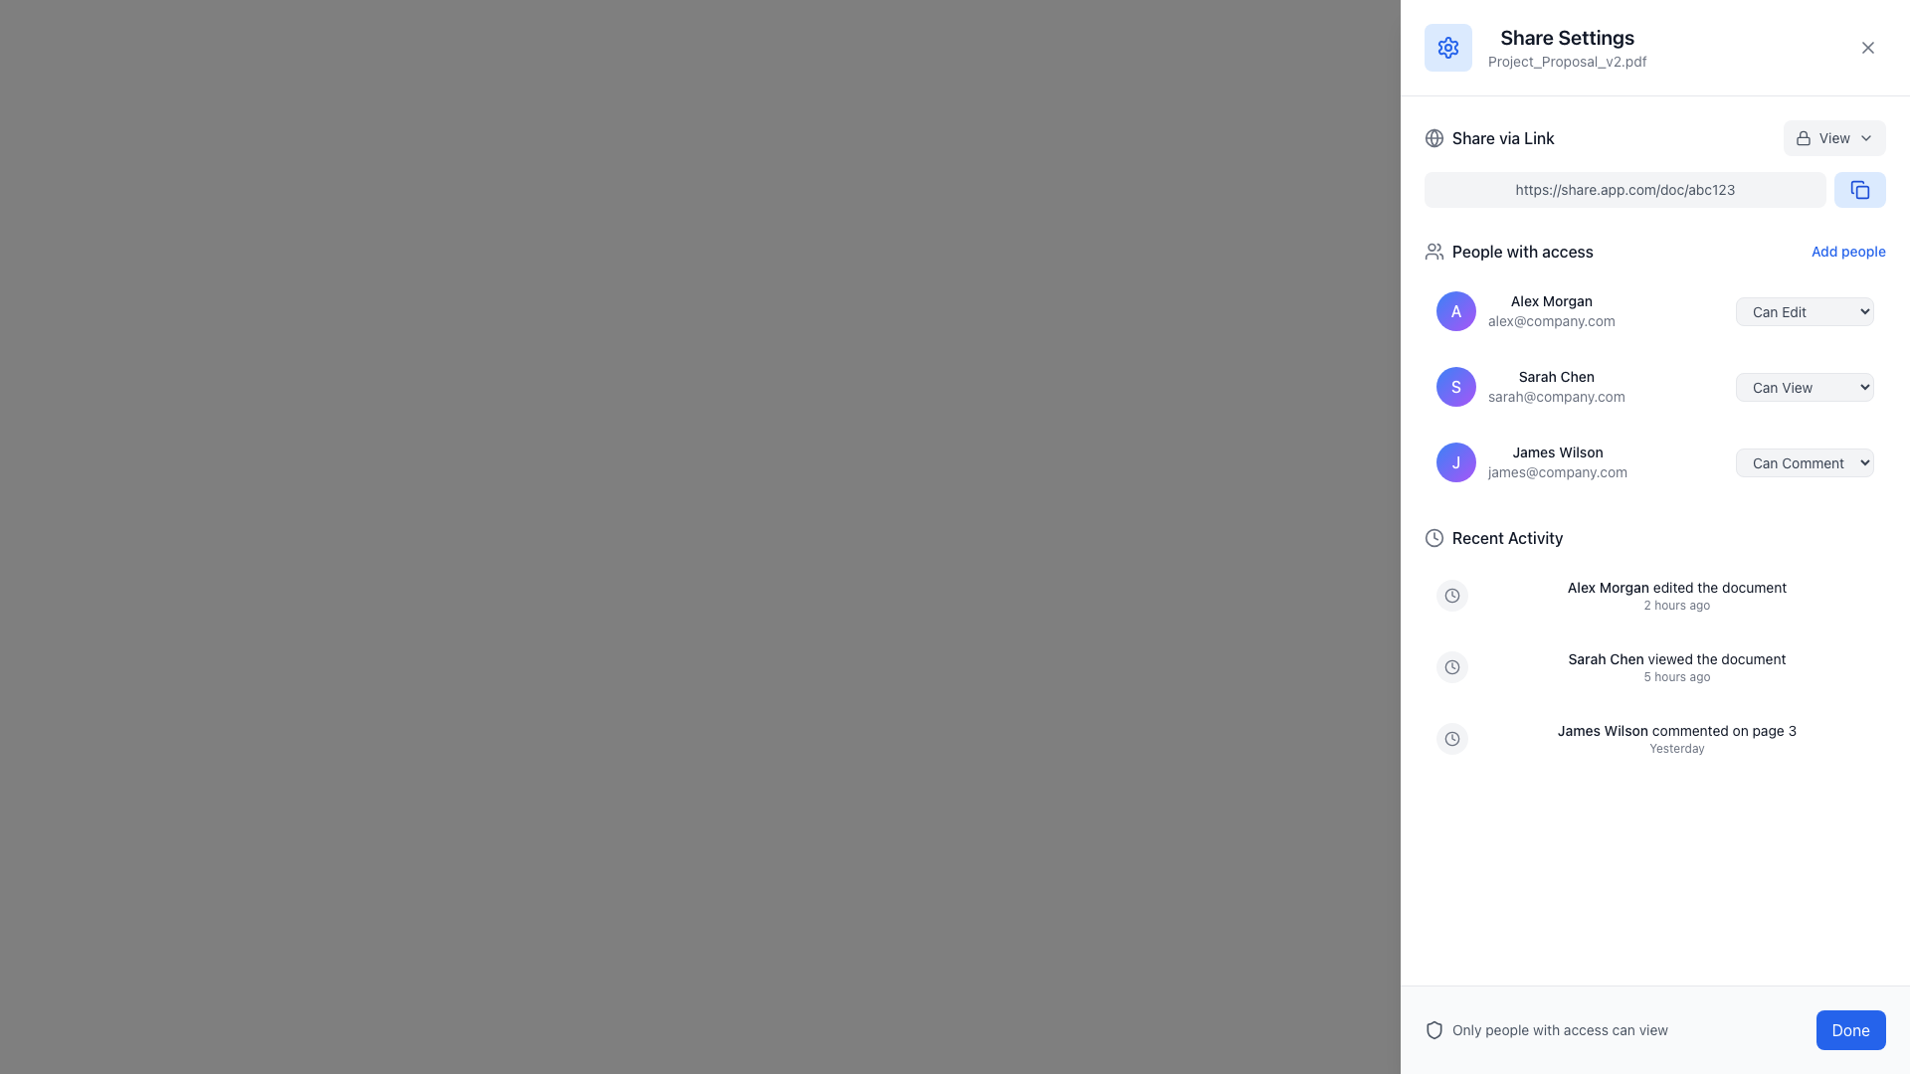  What do you see at coordinates (1433, 537) in the screenshot?
I see `the clock icon located to the left of the 'Recent Activity' text, which emphasizes the time-related context of this section` at bounding box center [1433, 537].